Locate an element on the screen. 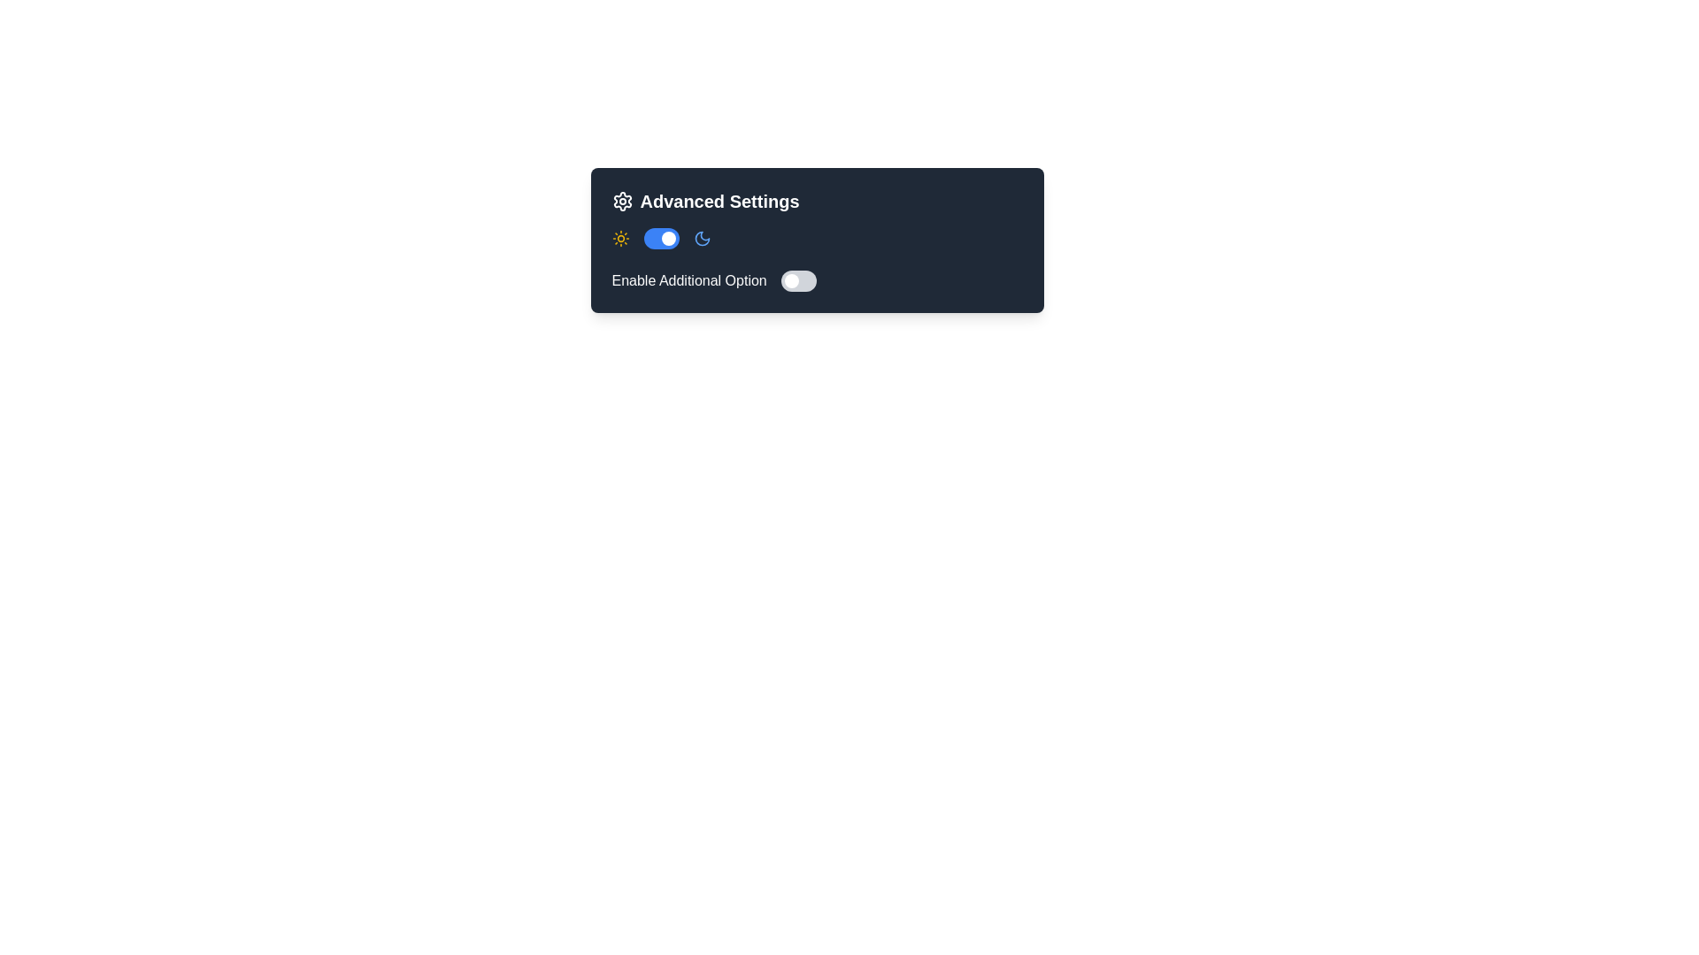 The image size is (1699, 955). the toggle switch located at the bottom of the 'Advanced Settings' card component, specifically the second interactive option below the light/dark mode toggle is located at coordinates (816, 279).